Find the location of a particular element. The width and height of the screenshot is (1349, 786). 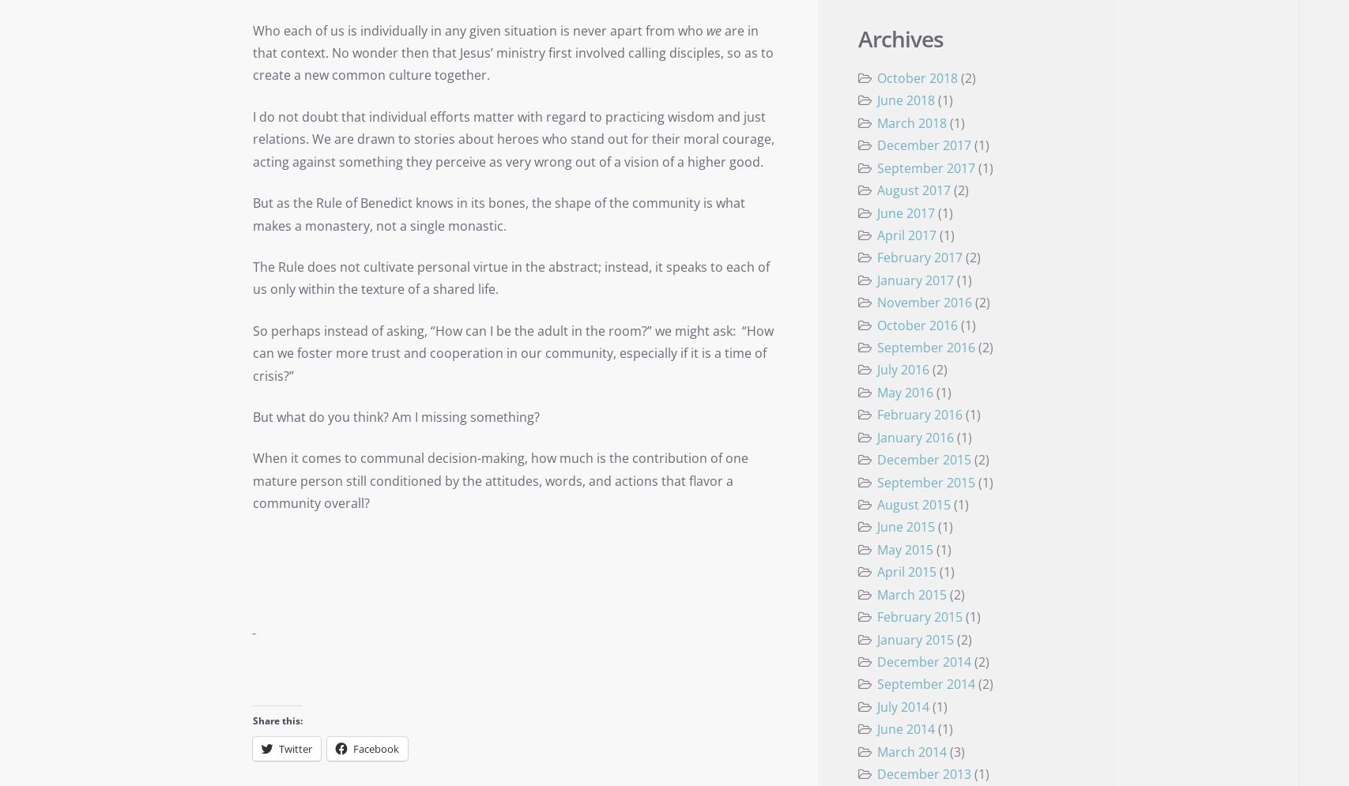

'July 2014' is located at coordinates (876, 705).